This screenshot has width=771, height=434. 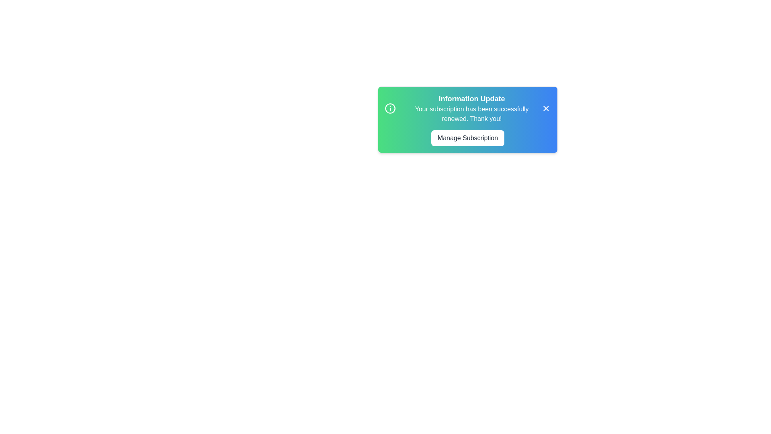 What do you see at coordinates (390, 108) in the screenshot?
I see `the information icon to understand its purpose` at bounding box center [390, 108].